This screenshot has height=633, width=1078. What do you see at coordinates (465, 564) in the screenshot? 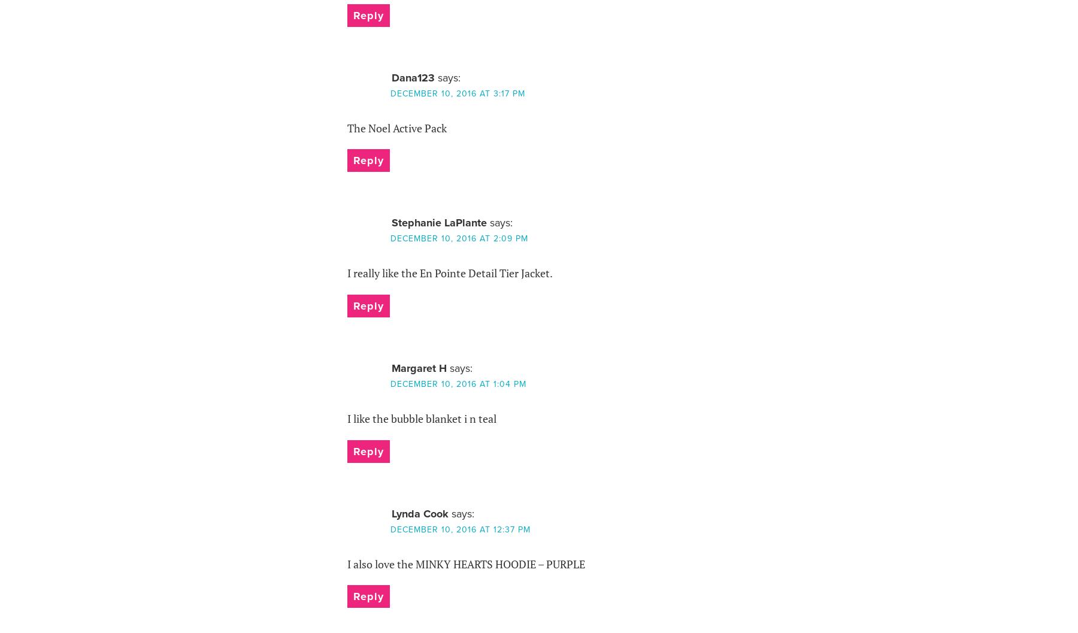
I see `'I also love the MINKY HEARTS HOODIE – PURPLE'` at bounding box center [465, 564].